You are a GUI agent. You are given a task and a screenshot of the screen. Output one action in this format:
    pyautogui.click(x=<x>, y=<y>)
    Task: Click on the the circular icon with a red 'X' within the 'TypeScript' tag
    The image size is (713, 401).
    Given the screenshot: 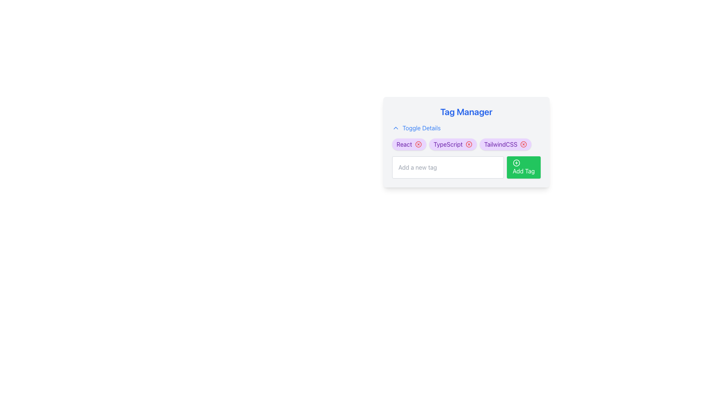 What is the action you would take?
    pyautogui.click(x=468, y=144)
    